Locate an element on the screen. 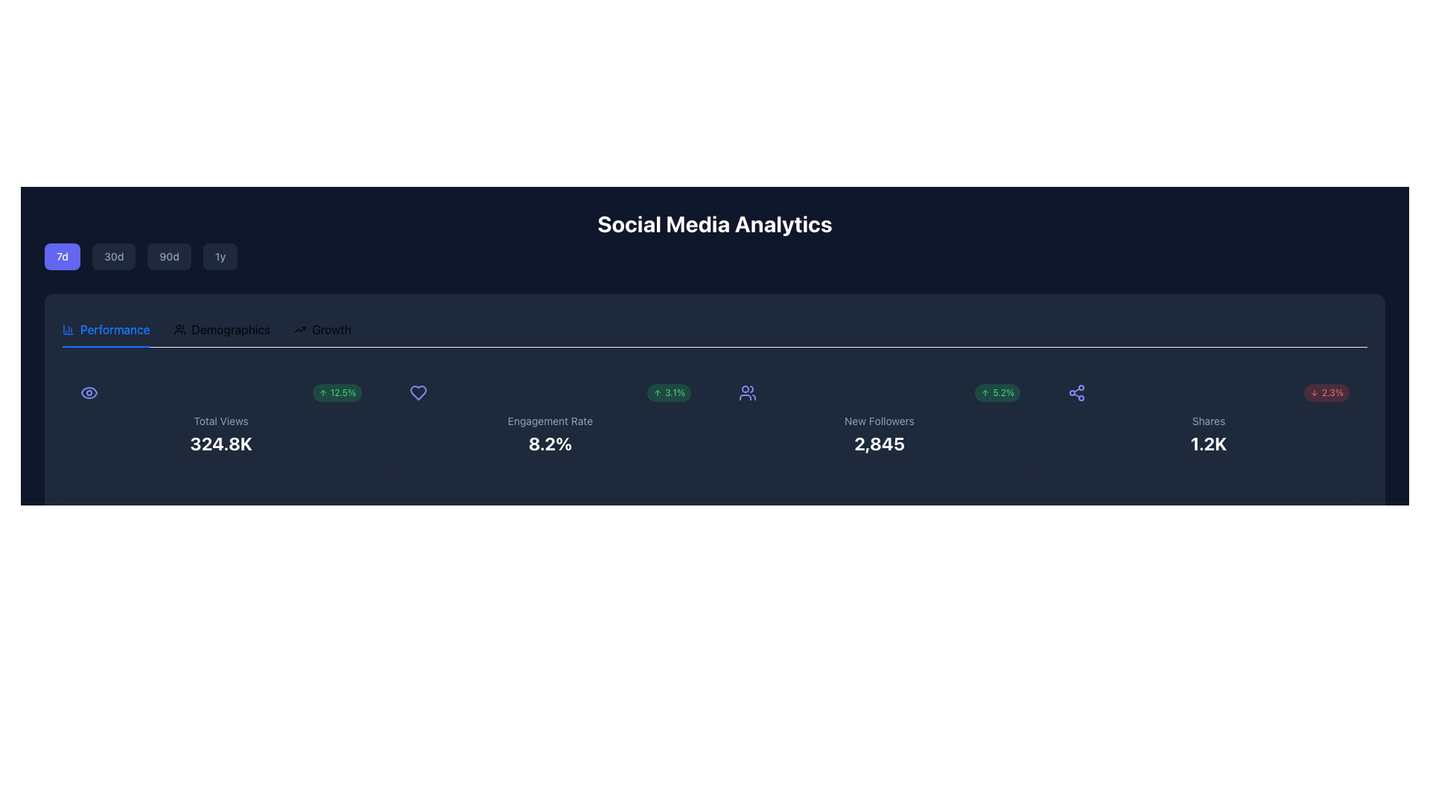 This screenshot has height=804, width=1430. the heart icon representing engagement metrics, located in the 'Engagement Rate' section between 'Total Views' and 'New Followers' is located at coordinates (417, 392).